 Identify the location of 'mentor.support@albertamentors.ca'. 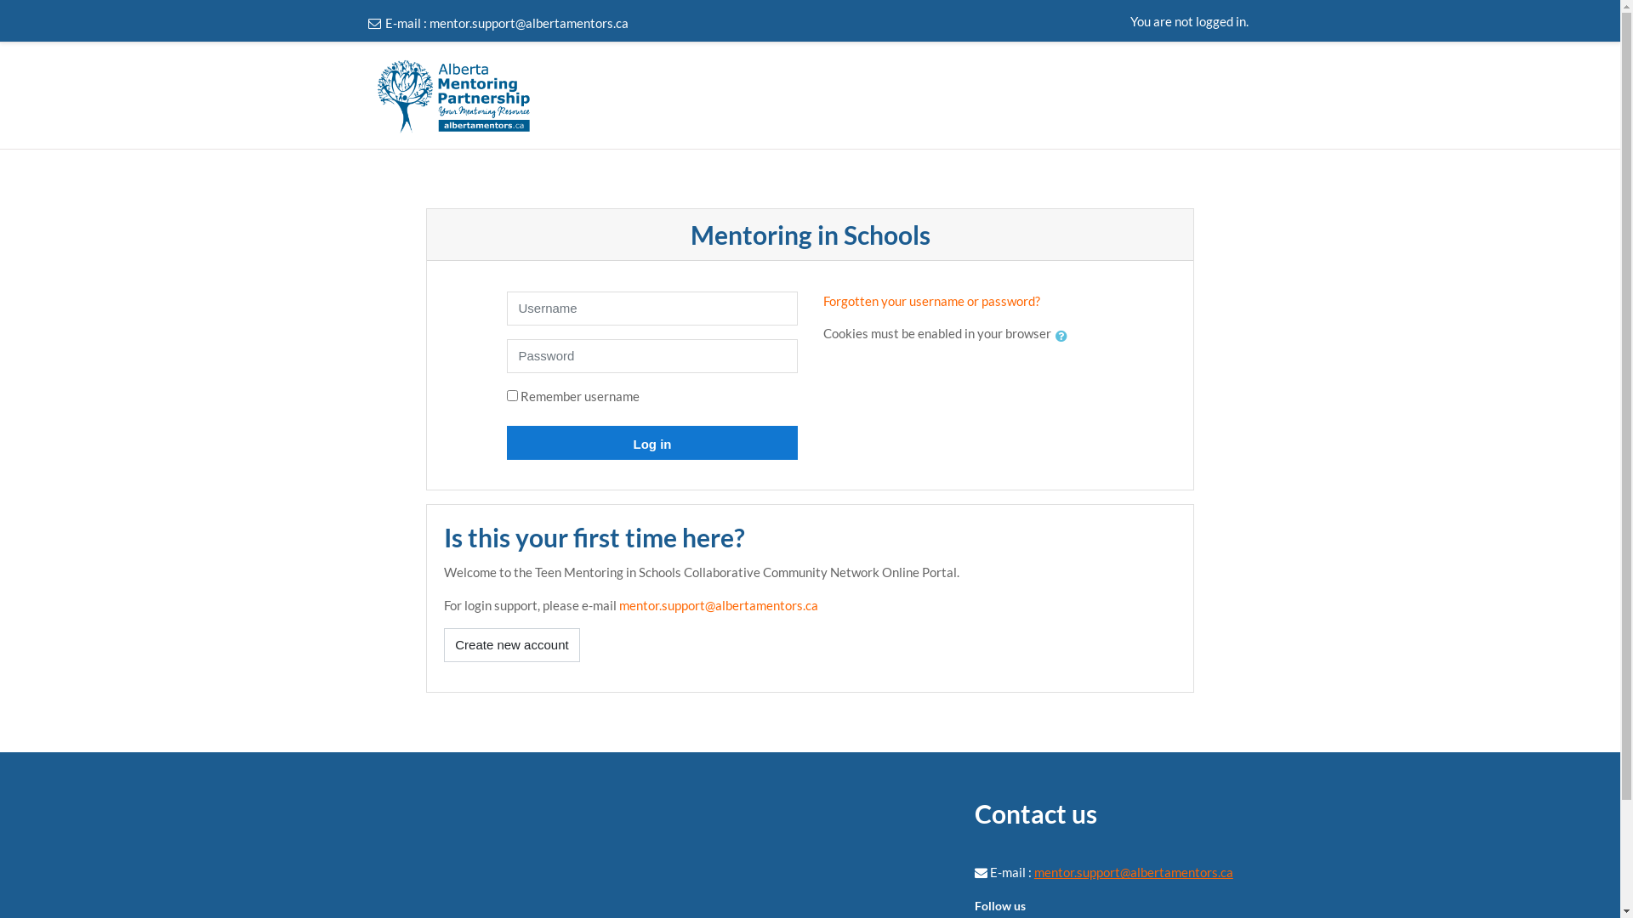
(618, 604).